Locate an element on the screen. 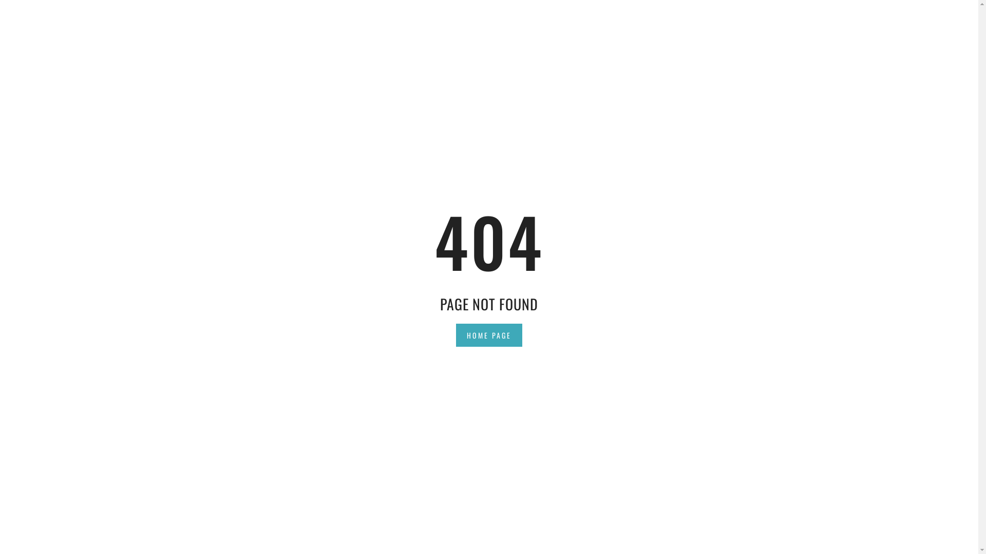  'HOME PAGE' is located at coordinates (488, 334).